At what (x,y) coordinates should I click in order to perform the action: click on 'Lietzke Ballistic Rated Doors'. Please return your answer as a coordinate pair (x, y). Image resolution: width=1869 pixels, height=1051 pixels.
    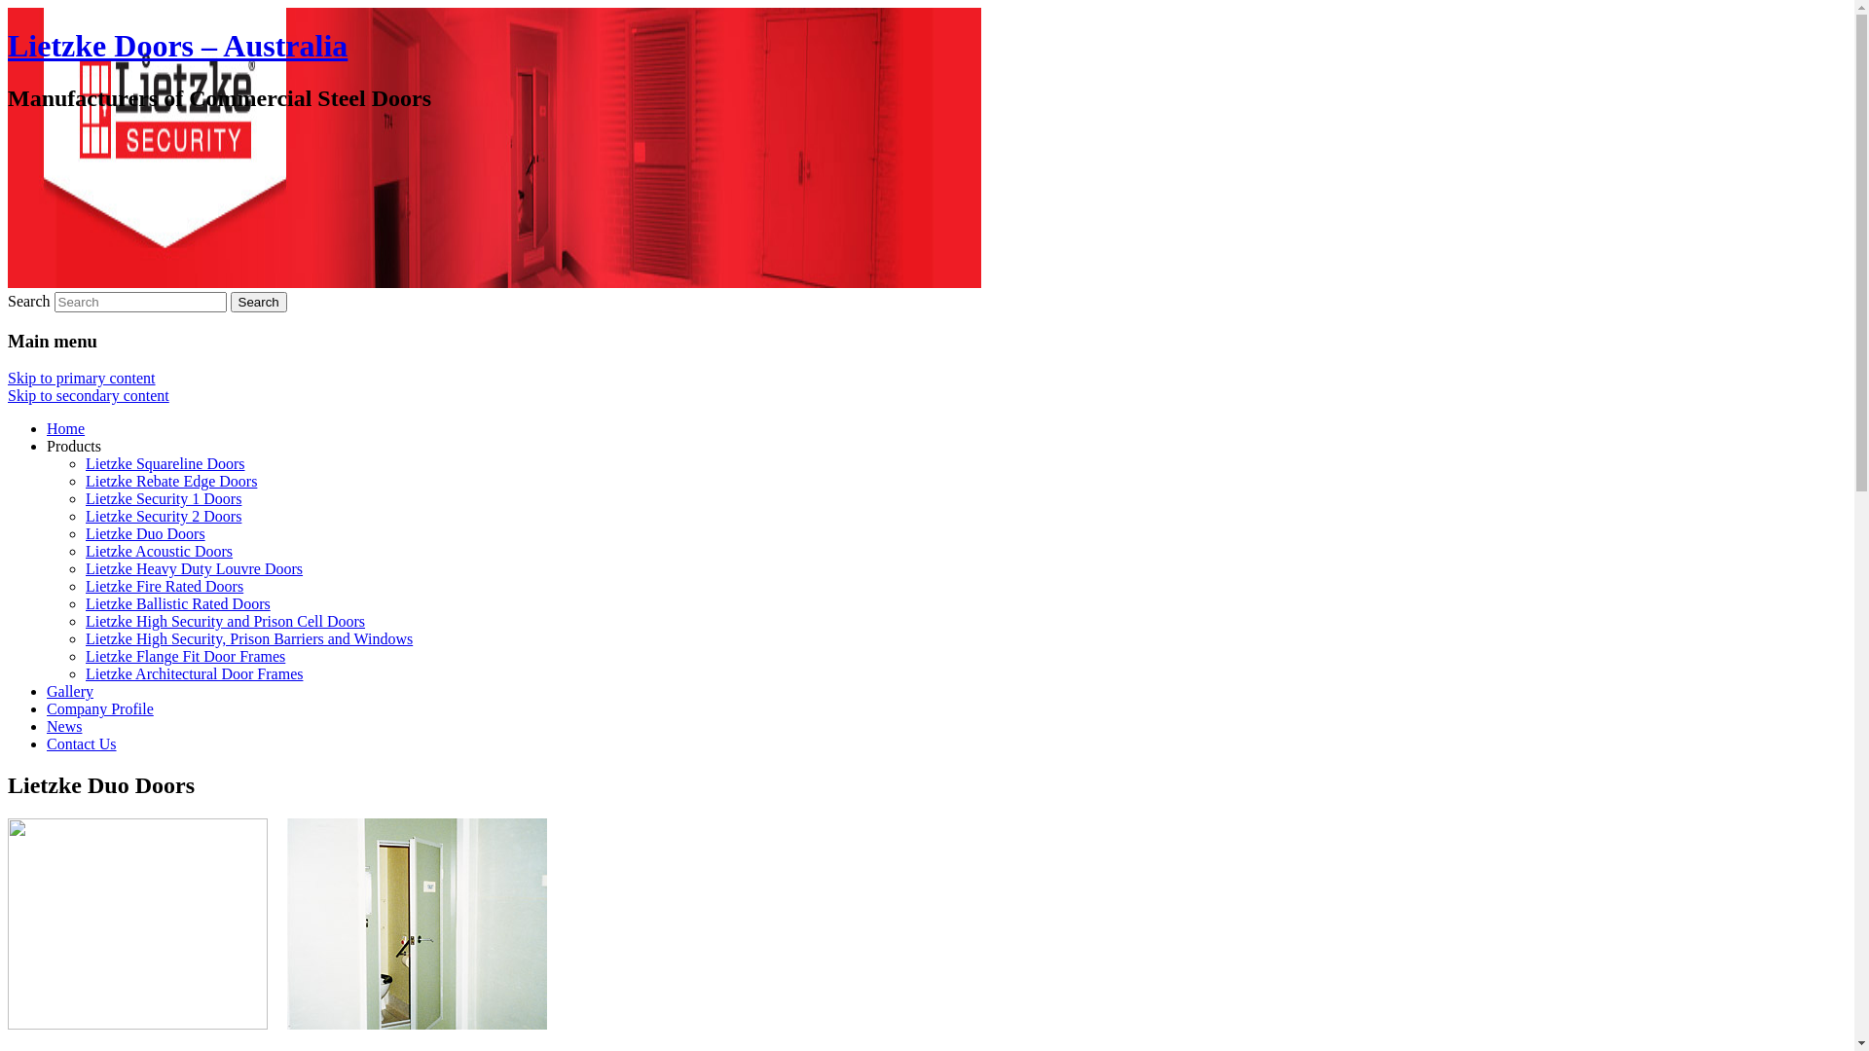
    Looking at the image, I should click on (84, 602).